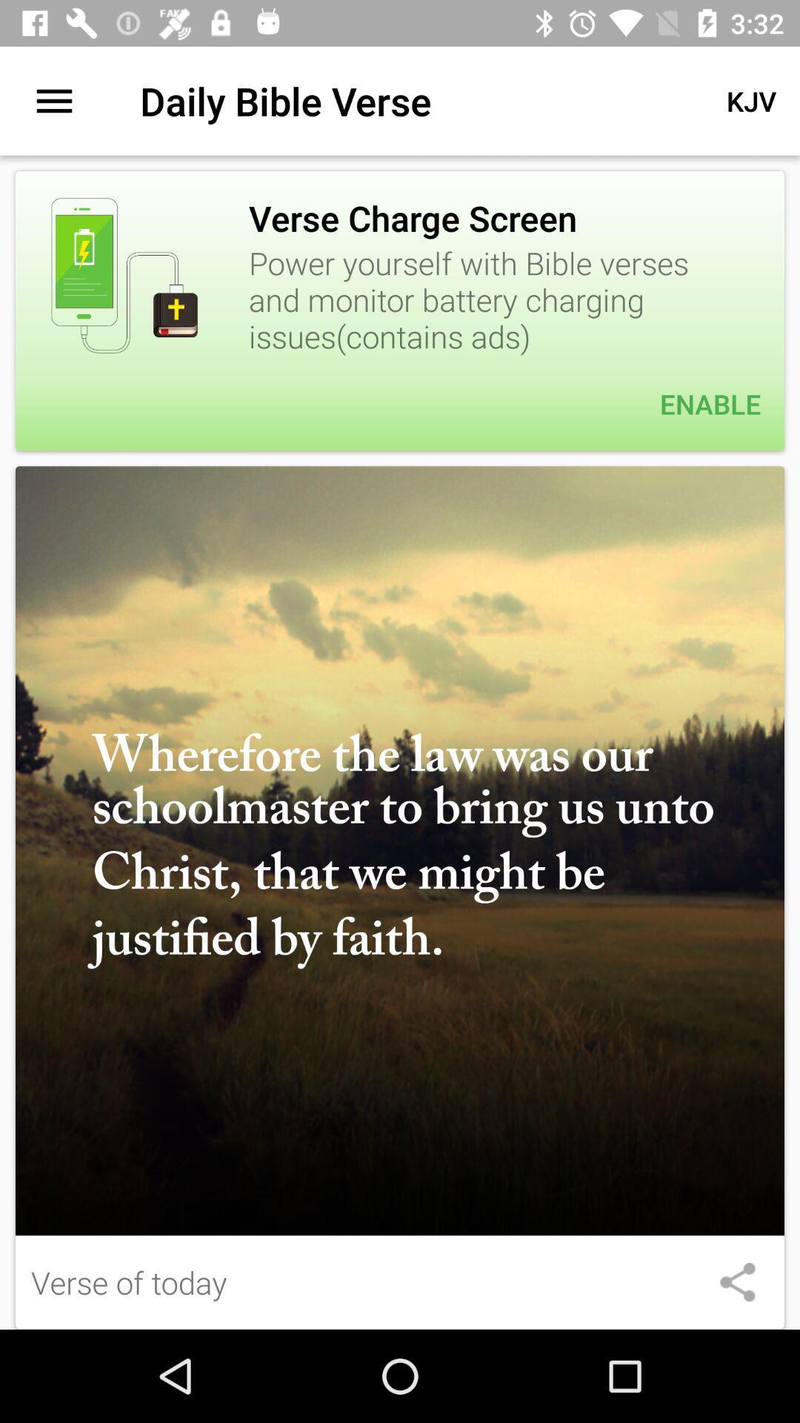 Image resolution: width=800 pixels, height=1423 pixels. Describe the element at coordinates (751, 100) in the screenshot. I see `icon above the power yourself with icon` at that location.